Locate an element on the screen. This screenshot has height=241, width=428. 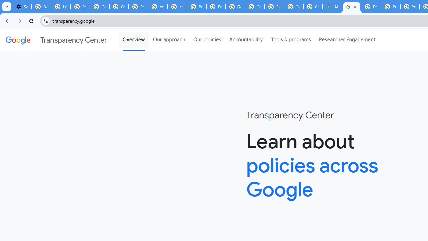
'Accountability' is located at coordinates (246, 40).